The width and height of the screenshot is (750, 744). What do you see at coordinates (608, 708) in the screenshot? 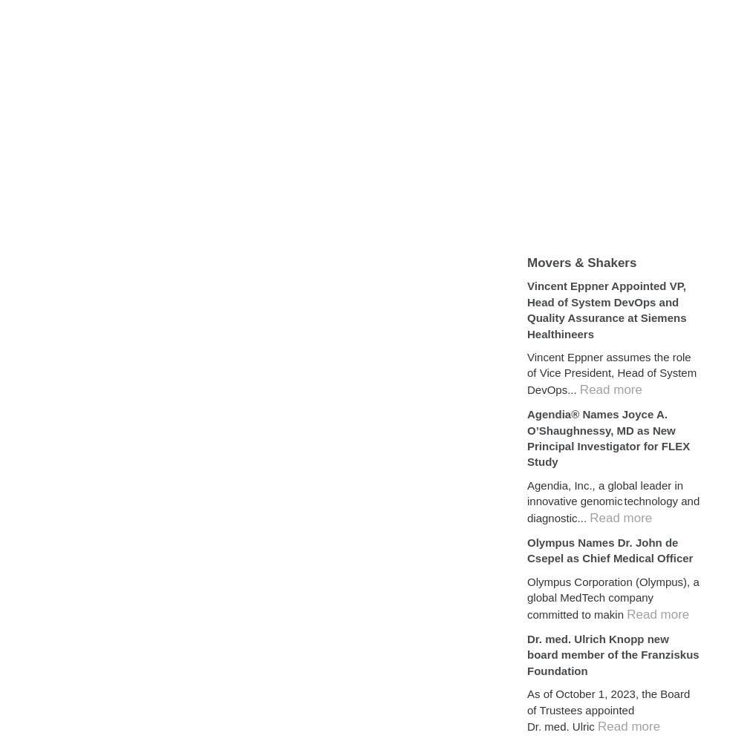
I see `'As of October 1, 2023, the Board of Trustees appointed Dr. med. Ulric'` at bounding box center [608, 708].